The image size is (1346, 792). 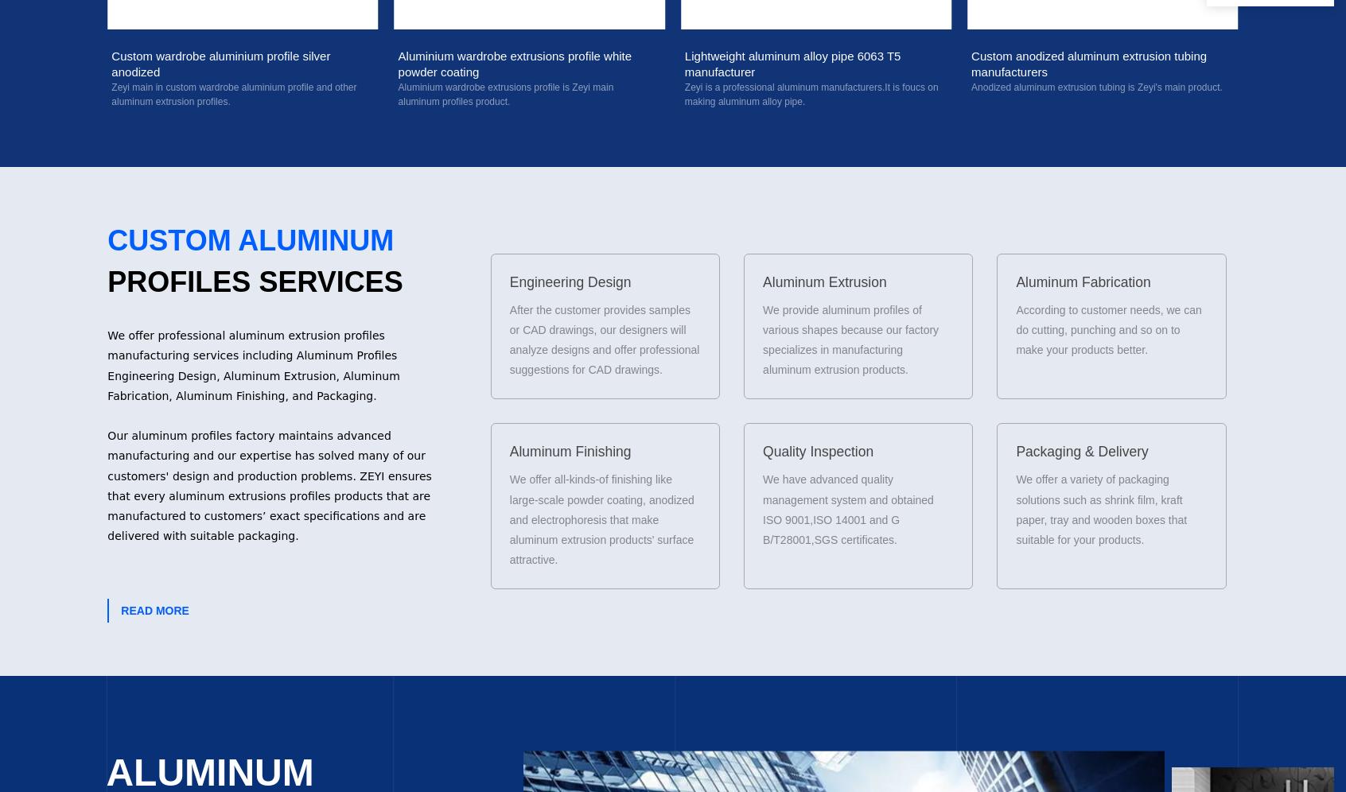 What do you see at coordinates (817, 451) in the screenshot?
I see `'Quality Inspection'` at bounding box center [817, 451].